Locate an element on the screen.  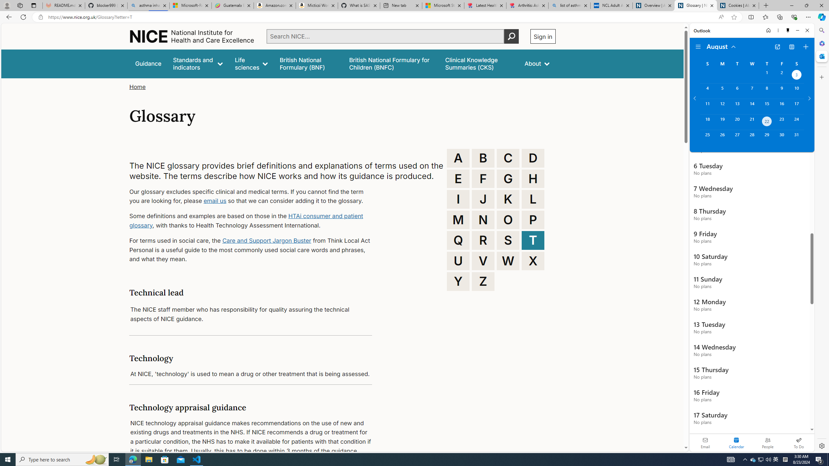
'Wednesday, August 7, 2024. ' is located at coordinates (751, 91).